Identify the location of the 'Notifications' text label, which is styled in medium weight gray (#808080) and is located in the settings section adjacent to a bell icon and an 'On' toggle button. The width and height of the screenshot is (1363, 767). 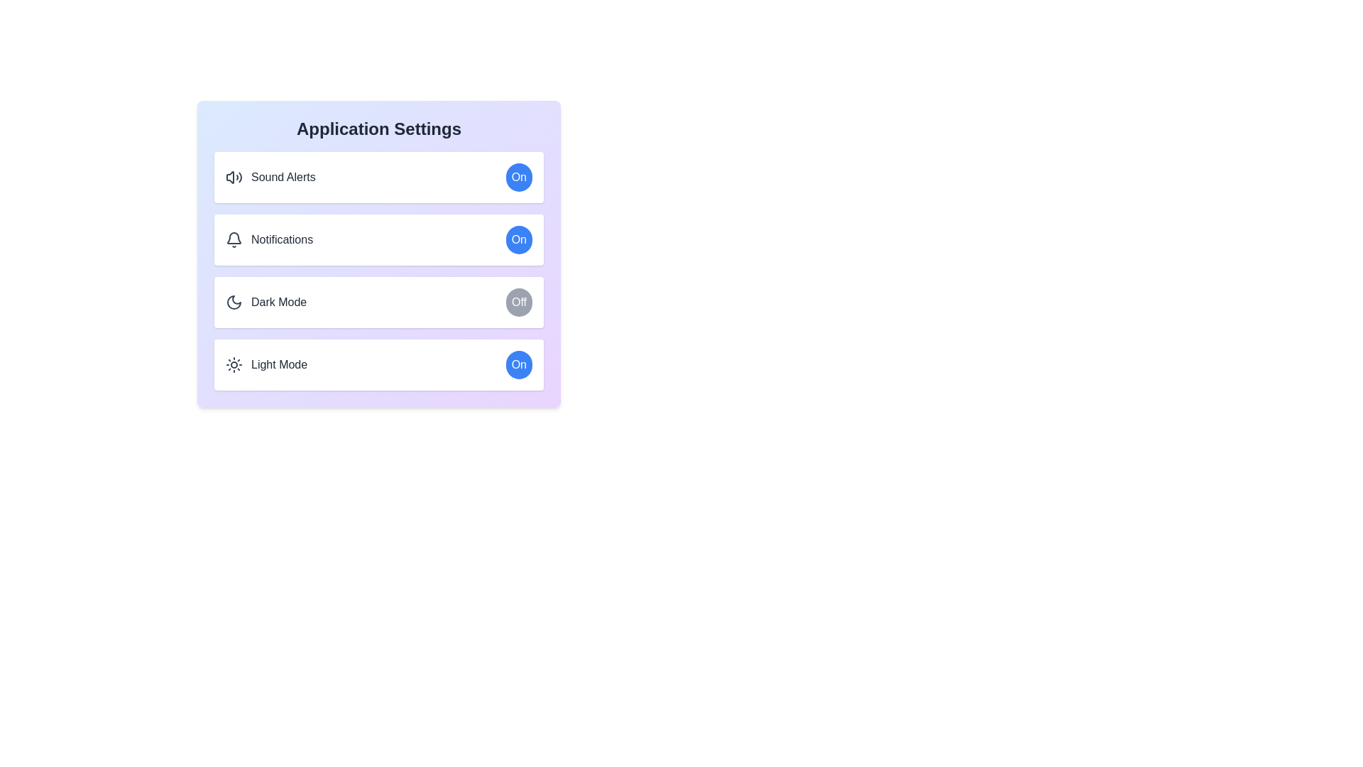
(282, 239).